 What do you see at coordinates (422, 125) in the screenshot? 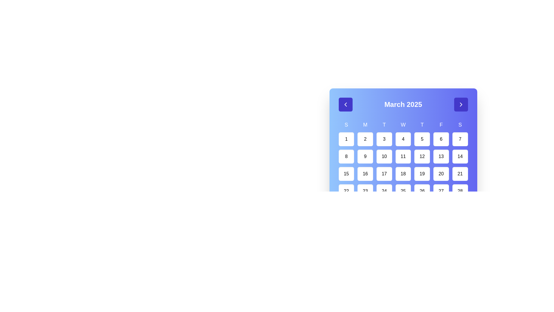
I see `the white uppercase letter 'T' text label, which is styled with a large font size and located in the fifth column of the first row of a calendar-like grid, between 'W' and 'F'` at bounding box center [422, 125].